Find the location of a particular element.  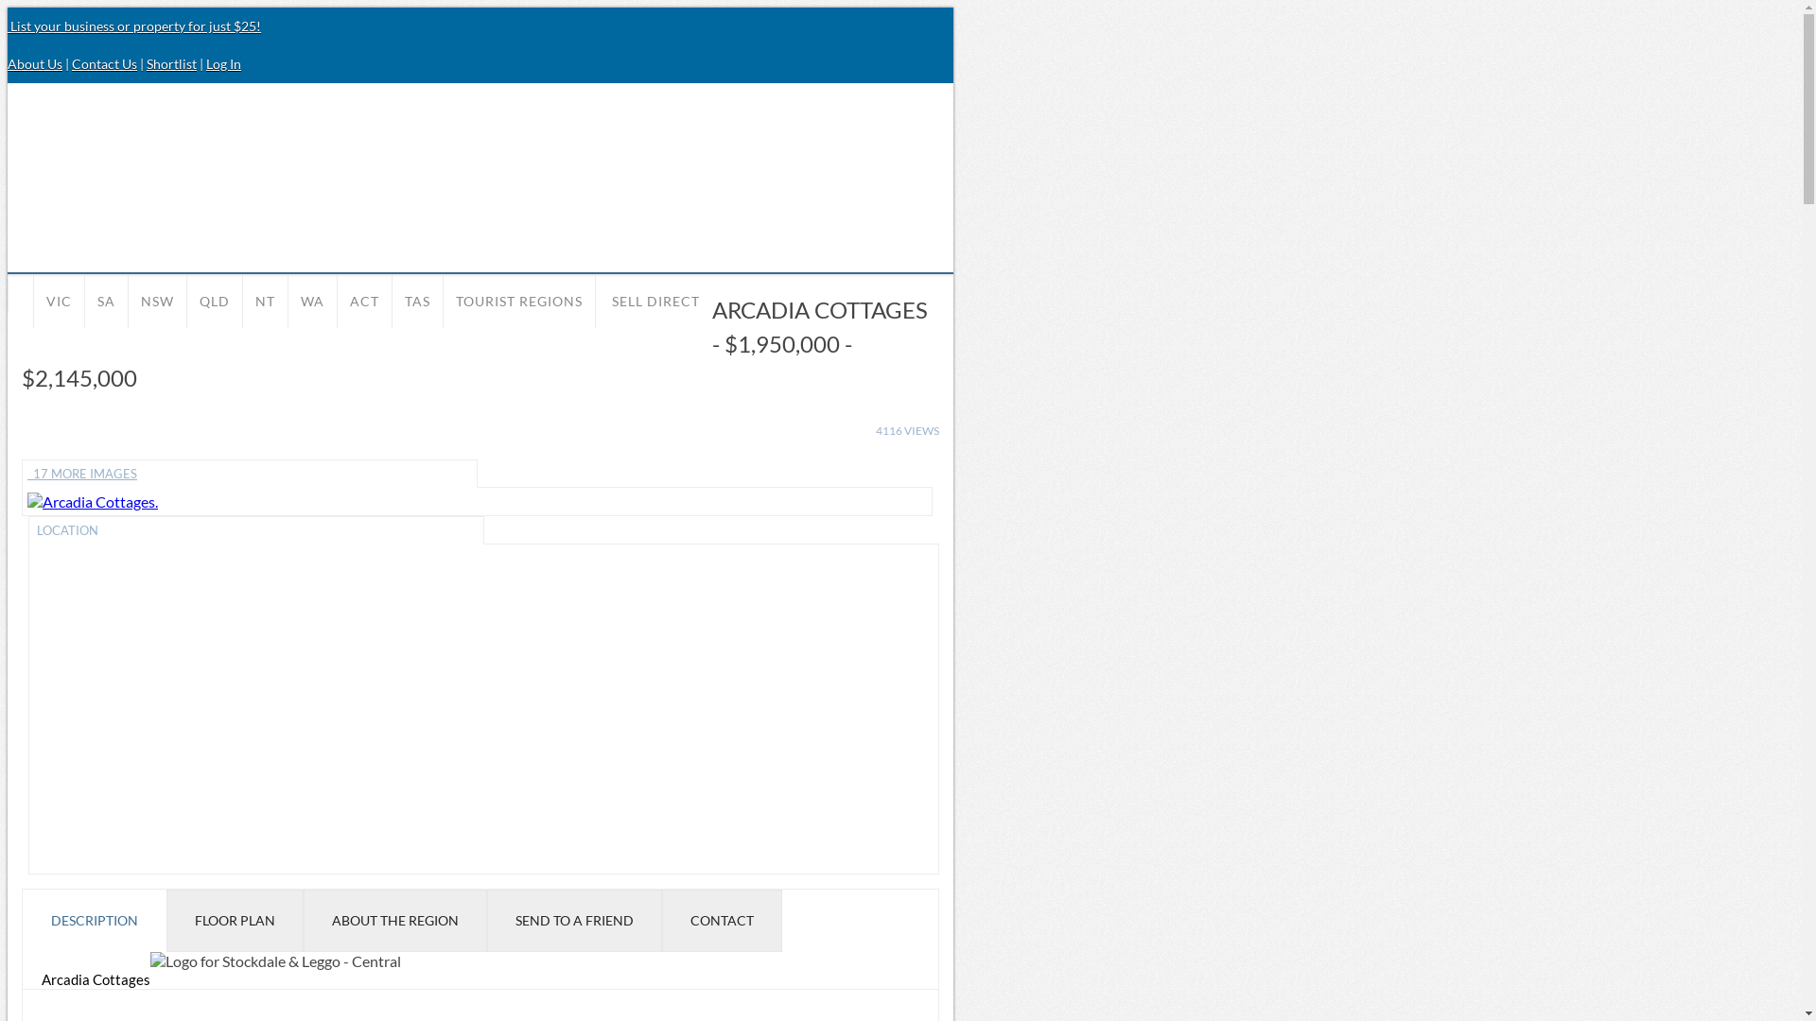

'ACT' is located at coordinates (364, 300).